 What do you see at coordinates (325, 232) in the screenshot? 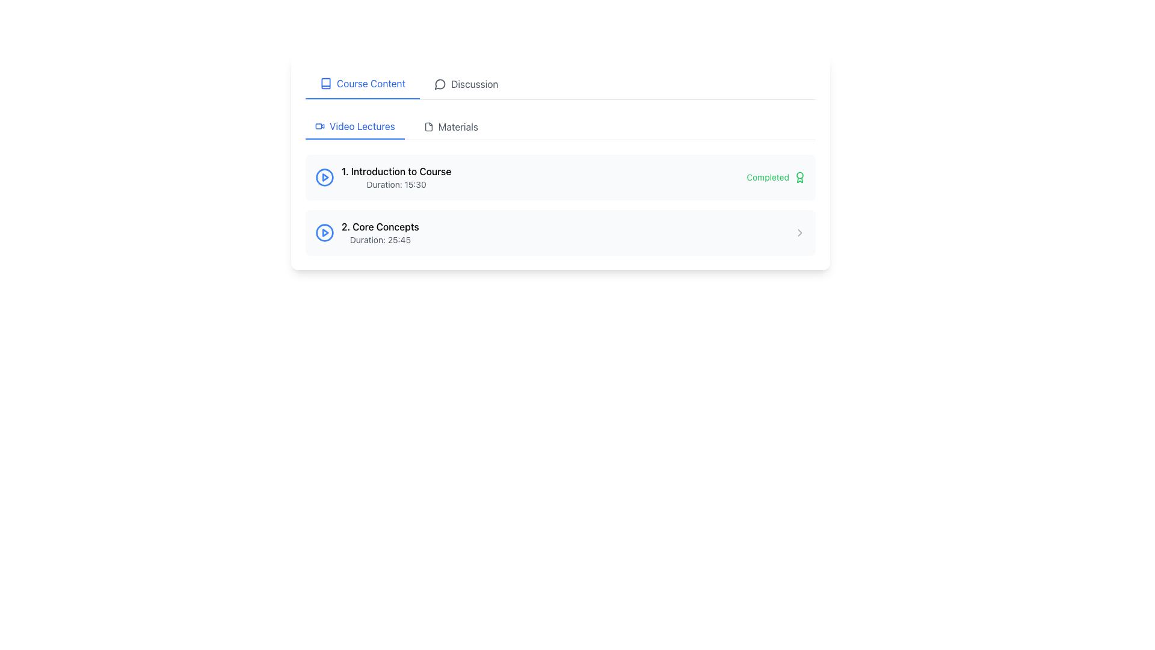
I see `the triangular play button located at the center of its circular icon to initiate playback or action` at bounding box center [325, 232].